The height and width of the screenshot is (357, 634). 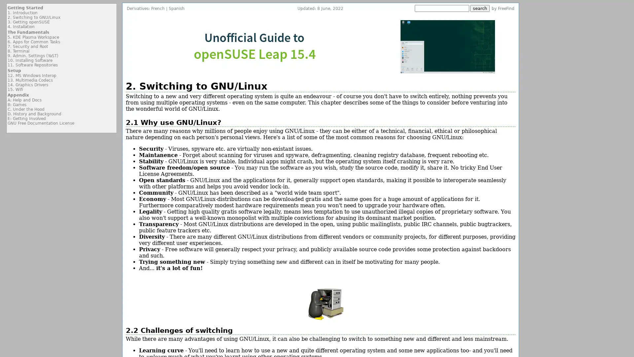 What do you see at coordinates (480, 8) in the screenshot?
I see `search` at bounding box center [480, 8].